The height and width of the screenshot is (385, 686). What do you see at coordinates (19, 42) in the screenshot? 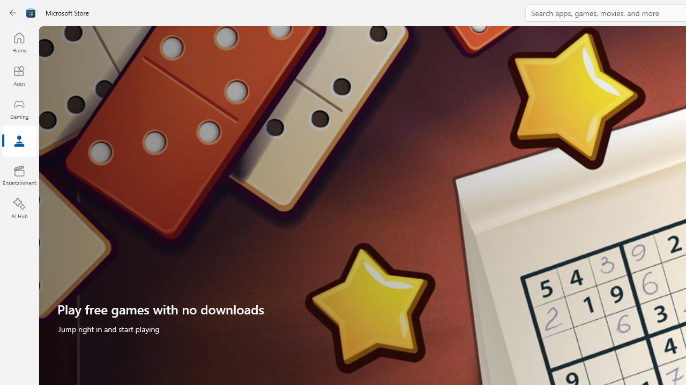
I see `'Home'` at bounding box center [19, 42].